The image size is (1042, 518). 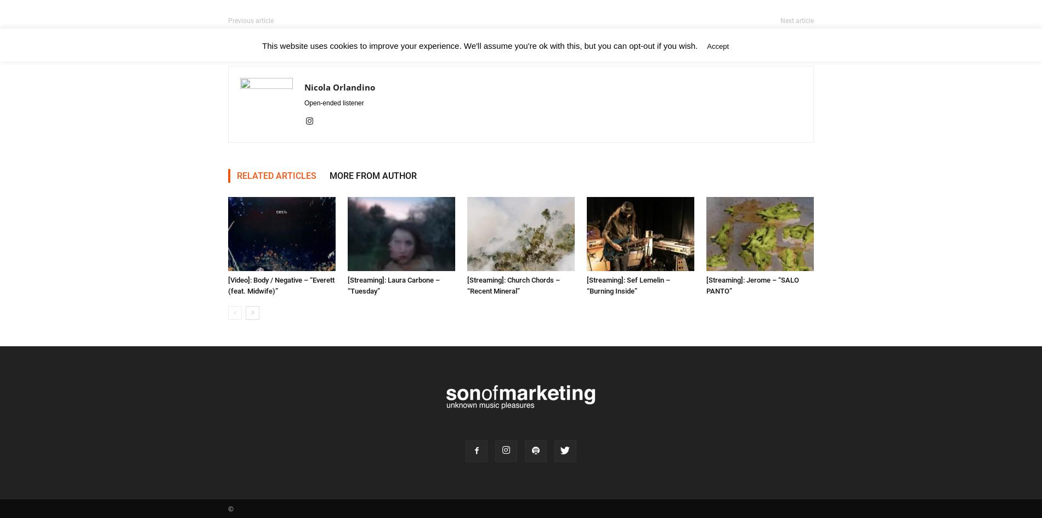 I want to click on '[Streaming]: Church Chords – “Recent Mineral”', so click(x=466, y=285).